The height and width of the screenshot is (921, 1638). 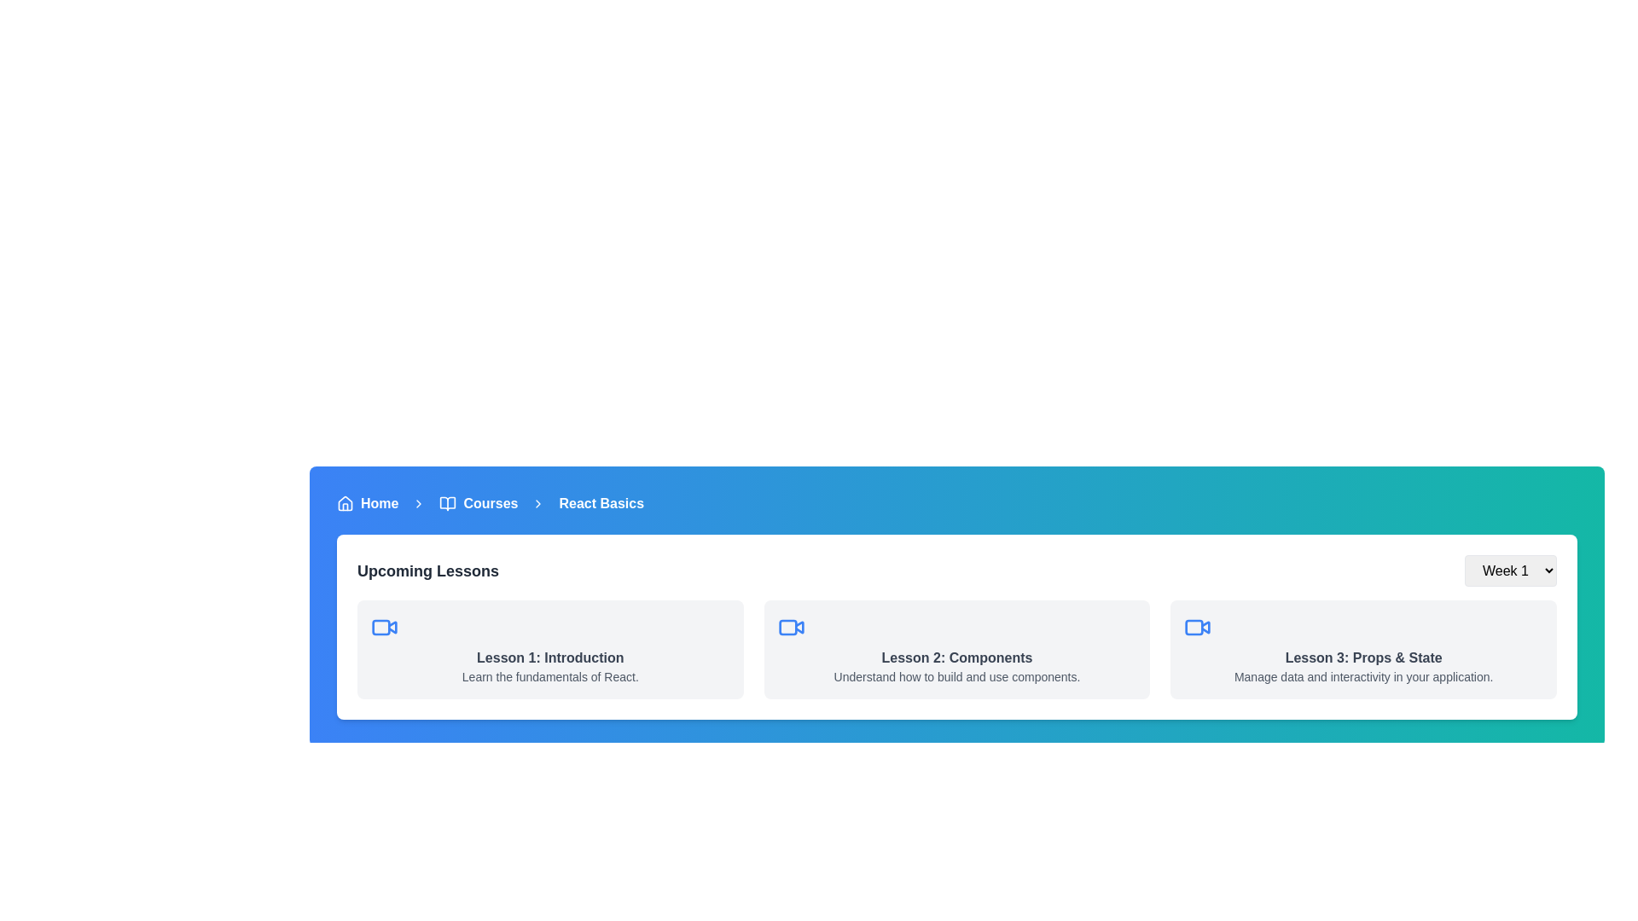 I want to click on the house-shaped home icon located at the leftmost part of the breadcrumb navigation bar, which signifies the home page in the navigation hierarchy, so click(x=344, y=502).